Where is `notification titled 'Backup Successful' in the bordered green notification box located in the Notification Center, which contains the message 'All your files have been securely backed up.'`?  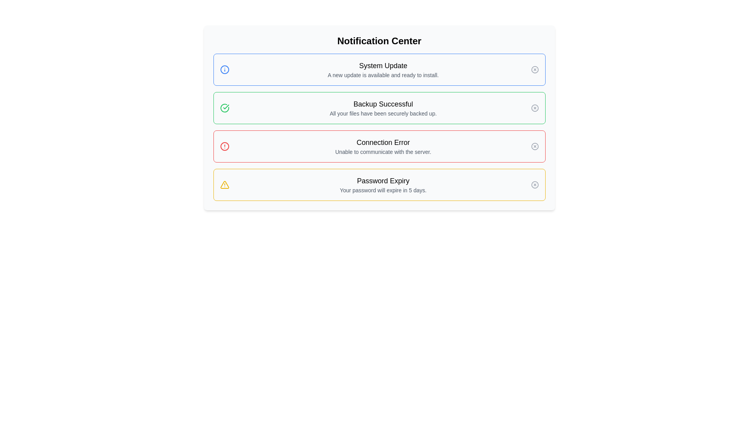
notification titled 'Backup Successful' in the bordered green notification box located in the Notification Center, which contains the message 'All your files have been securely backed up.' is located at coordinates (379, 117).